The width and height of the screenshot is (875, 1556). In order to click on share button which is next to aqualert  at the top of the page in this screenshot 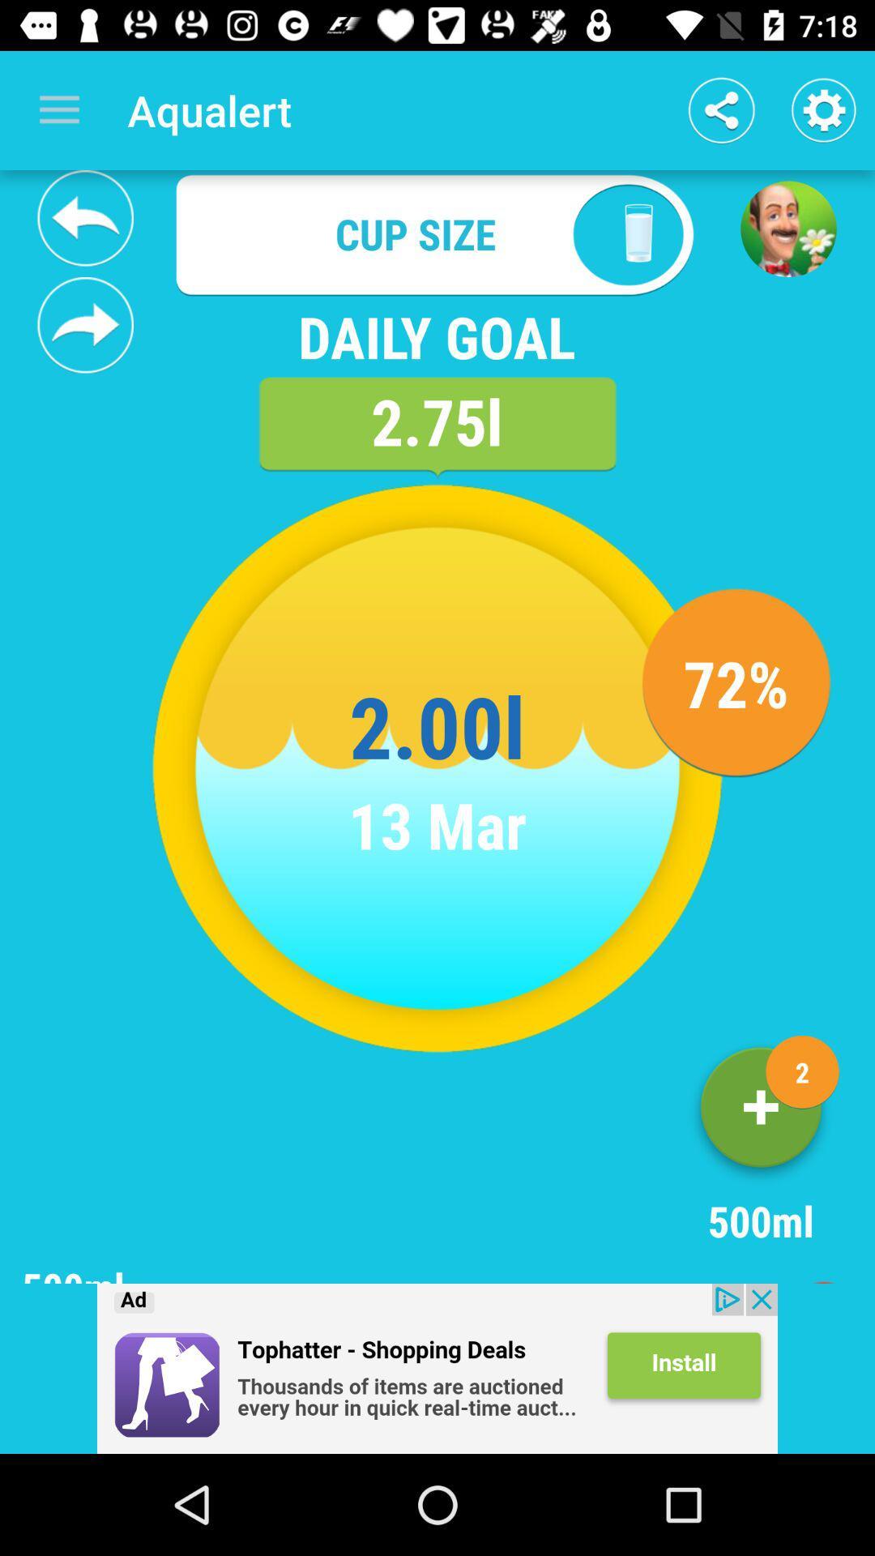, I will do `click(721, 110)`.